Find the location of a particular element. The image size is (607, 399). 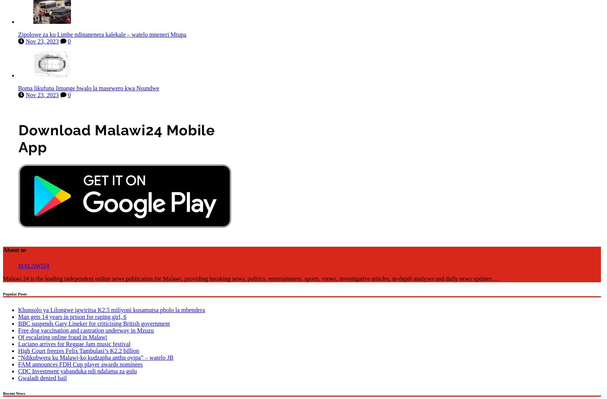

'Of escalating online fraud in Malawi' is located at coordinates (62, 335).